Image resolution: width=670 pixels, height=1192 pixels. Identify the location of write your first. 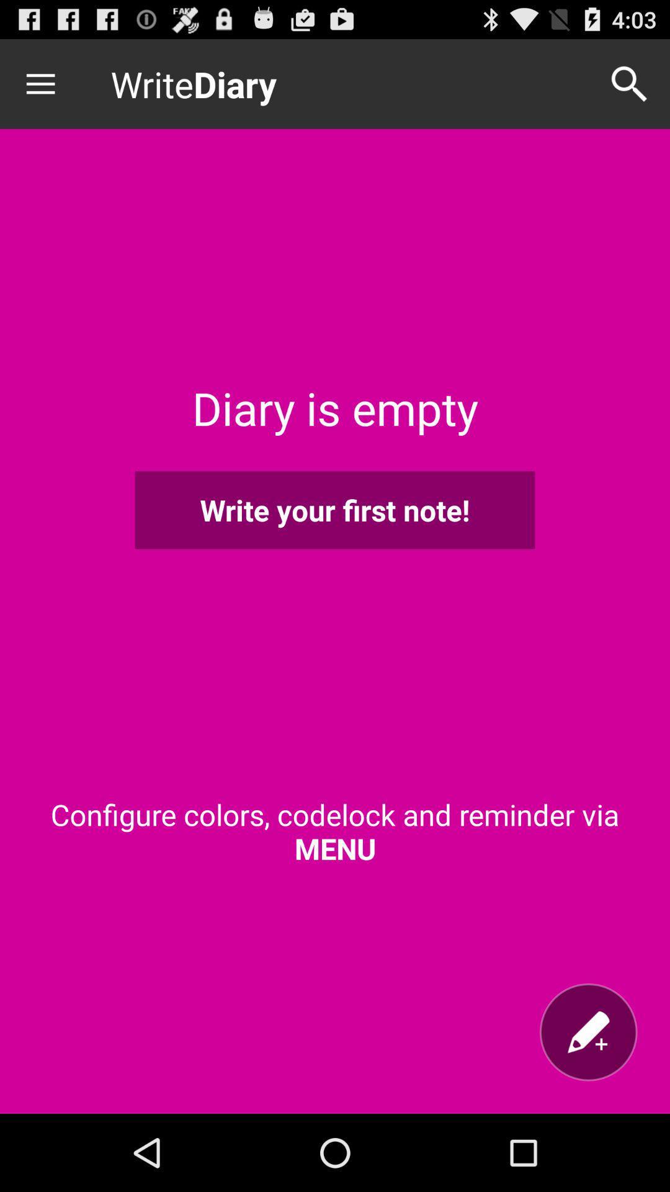
(335, 510).